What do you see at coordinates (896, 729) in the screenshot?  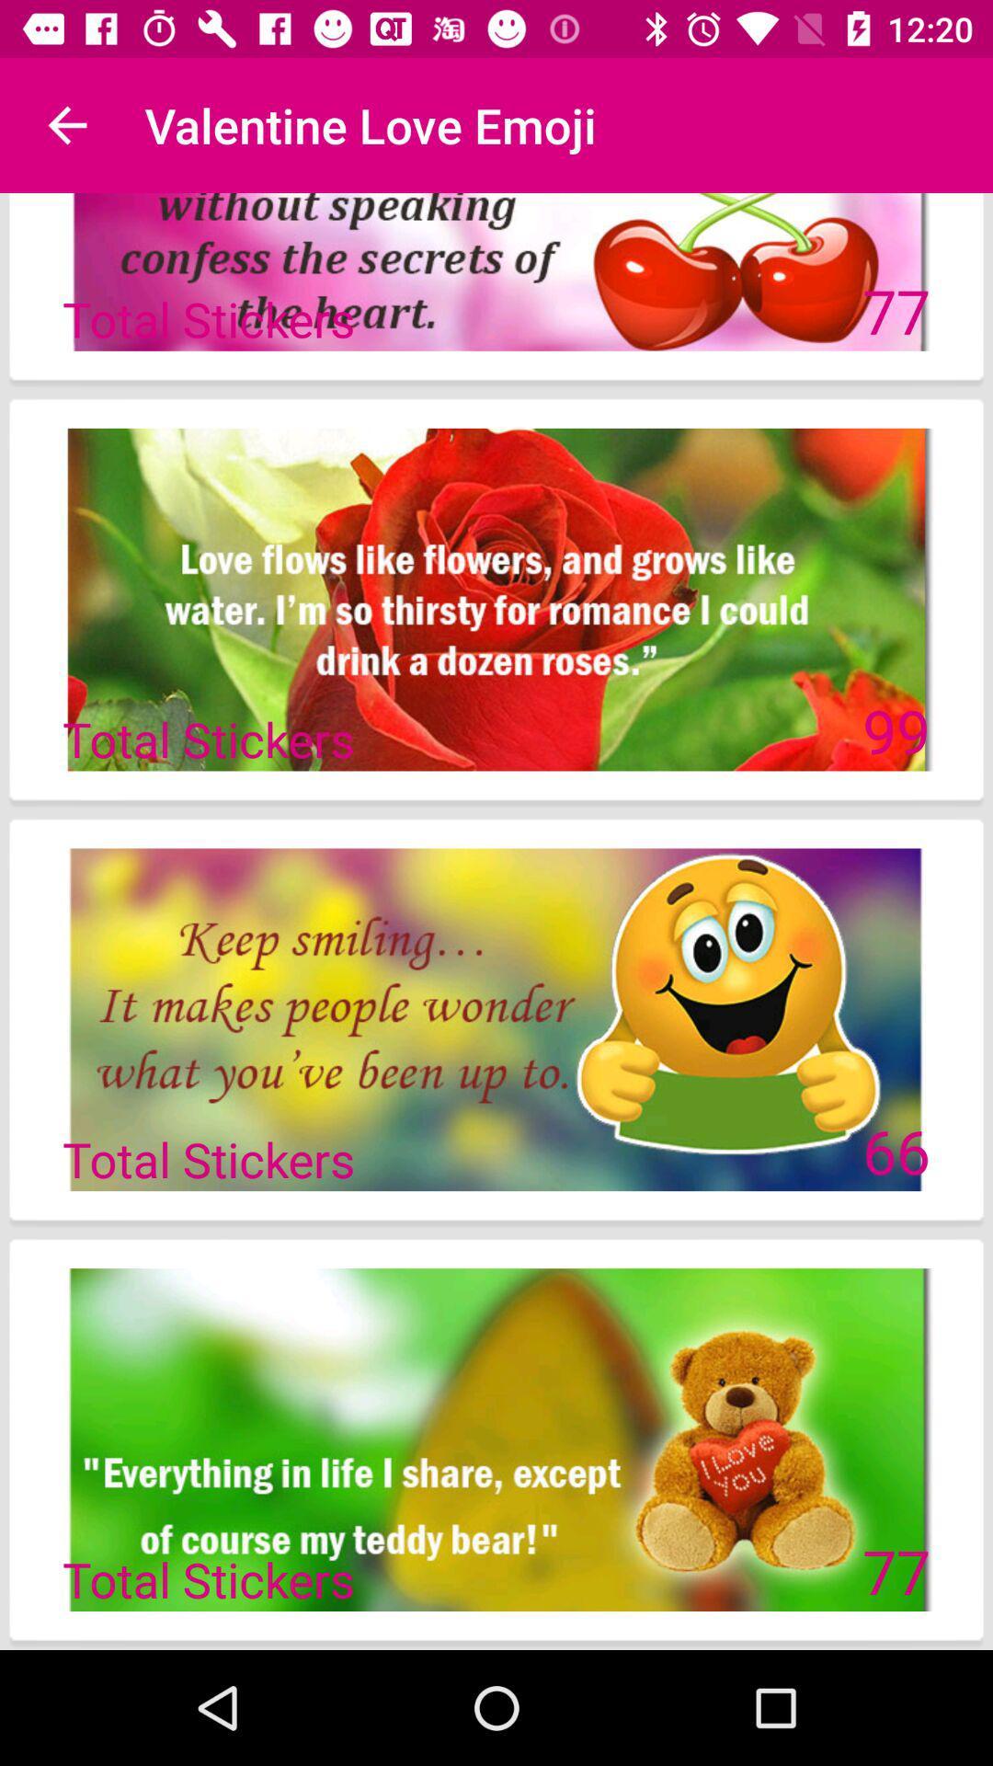 I see `icon to the right of total stickers item` at bounding box center [896, 729].